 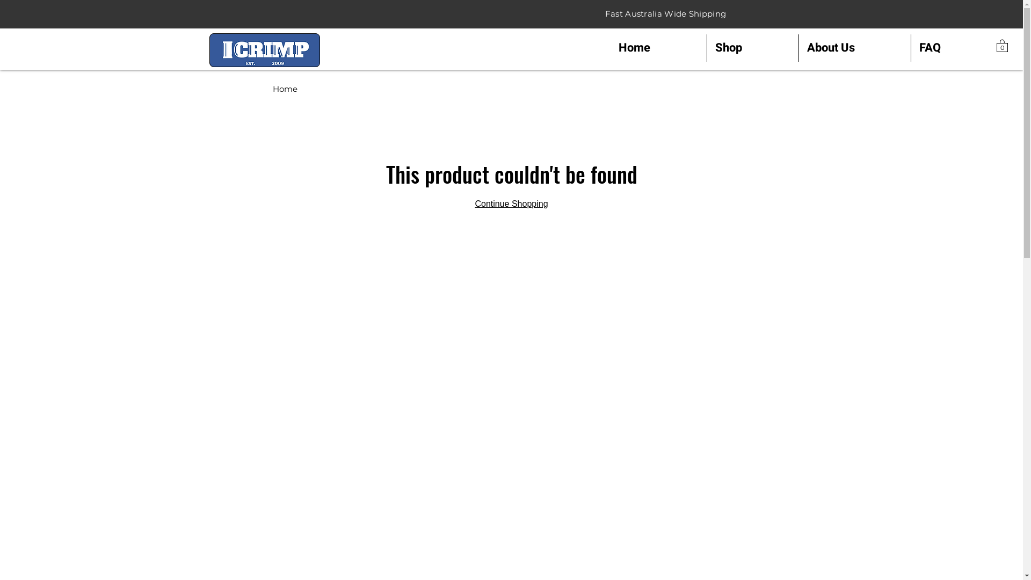 I want to click on '0', so click(x=996, y=45).